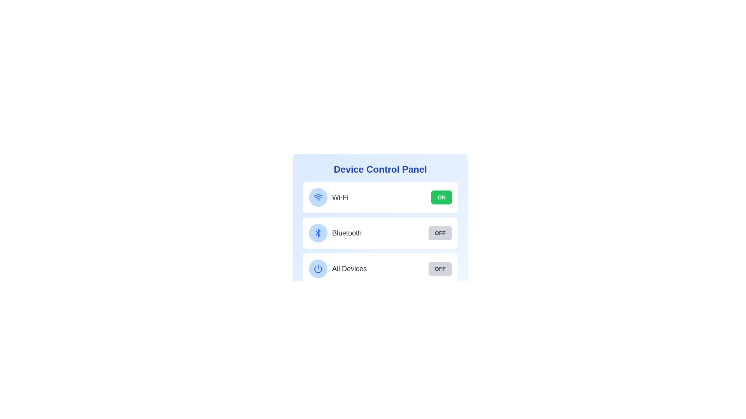 The image size is (746, 419). What do you see at coordinates (338, 268) in the screenshot?
I see `the informational label and icon representing the status of 'All Devices', located in the third section of the 'Device Control Panel', immediately below the 'Bluetooth' section` at bounding box center [338, 268].